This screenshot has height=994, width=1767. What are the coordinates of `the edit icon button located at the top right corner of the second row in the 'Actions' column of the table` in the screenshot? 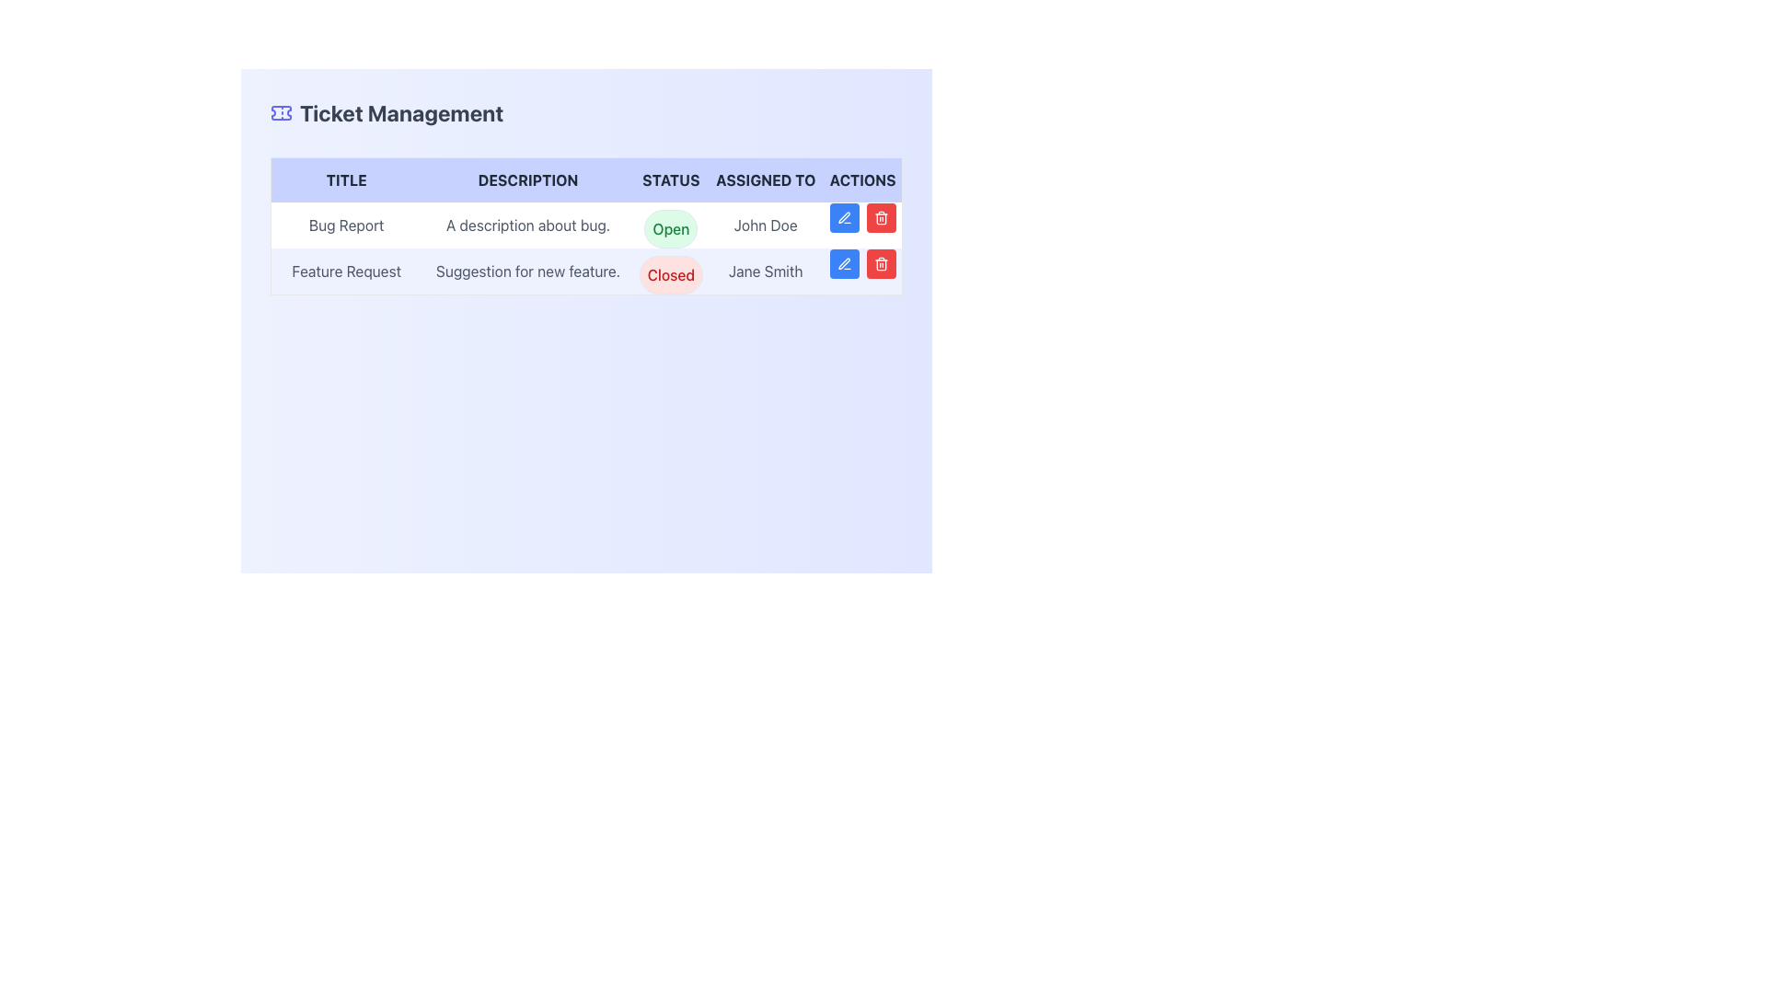 It's located at (843, 263).